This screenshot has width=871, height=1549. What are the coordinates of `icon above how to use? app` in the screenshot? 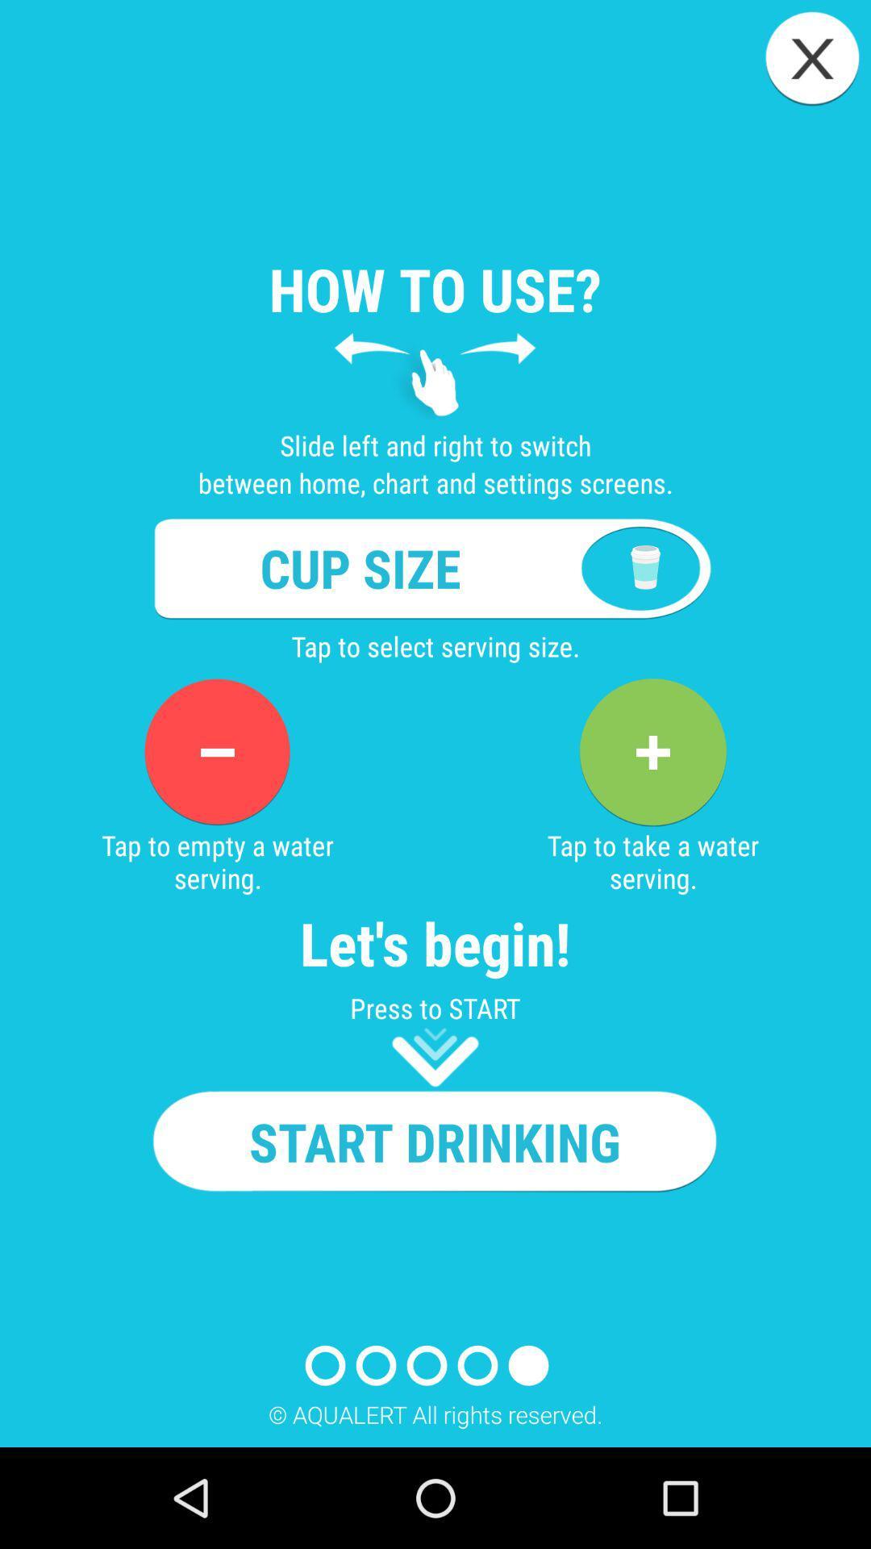 It's located at (812, 58).